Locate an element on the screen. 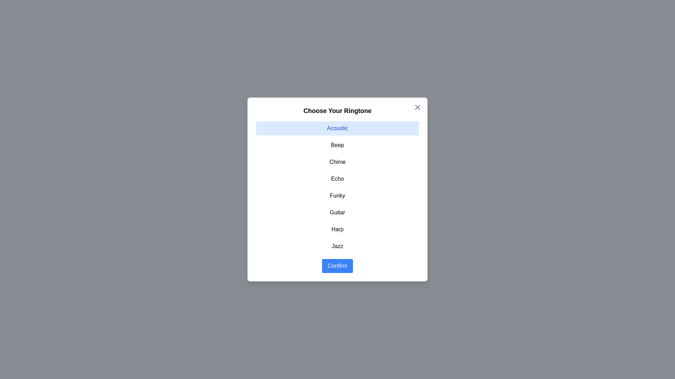  the ringtone Funky from the list is located at coordinates (337, 196).